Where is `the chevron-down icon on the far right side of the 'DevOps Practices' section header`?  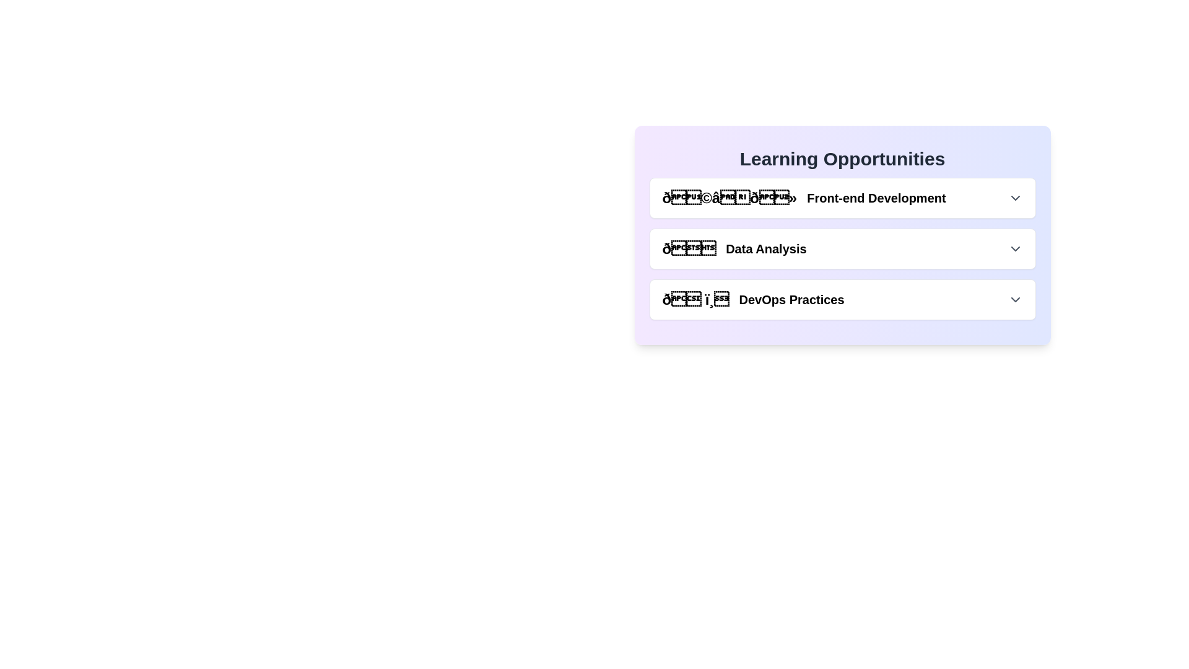
the chevron-down icon on the far right side of the 'DevOps Practices' section header is located at coordinates (1015, 299).